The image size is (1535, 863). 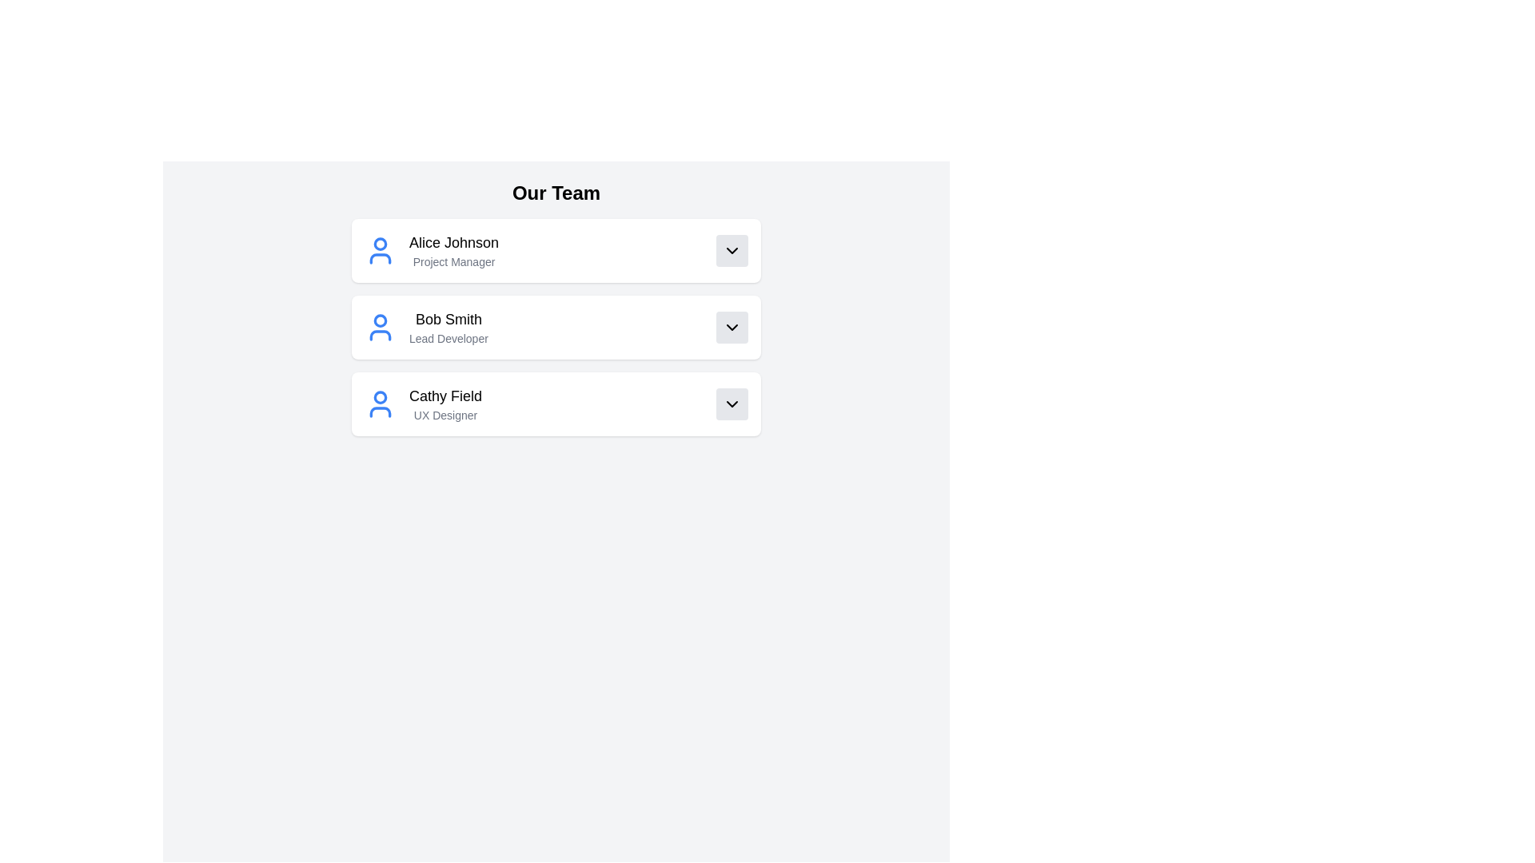 I want to click on the 'Lead Developer' text label which is styled in gray and located beneath 'Bob Smith' in the second card of the 'Our Team' section, so click(x=448, y=338).